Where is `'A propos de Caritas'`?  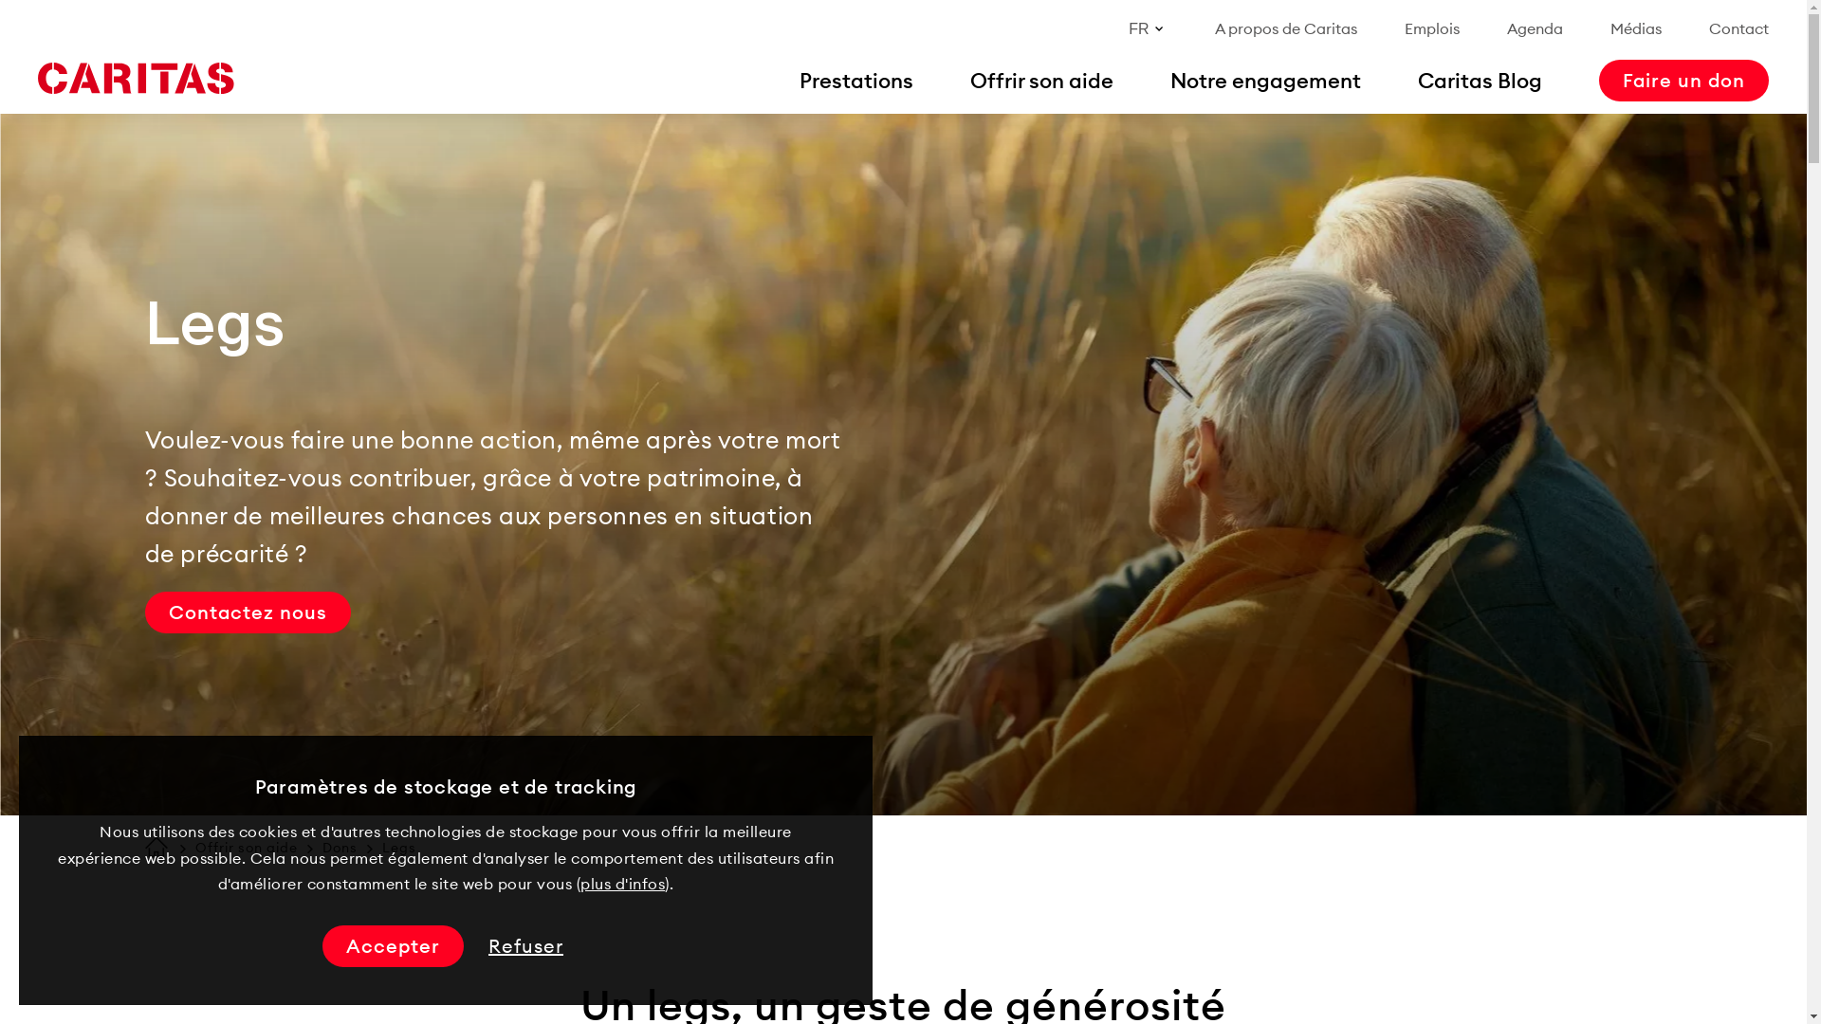
'A propos de Caritas' is located at coordinates (1286, 28).